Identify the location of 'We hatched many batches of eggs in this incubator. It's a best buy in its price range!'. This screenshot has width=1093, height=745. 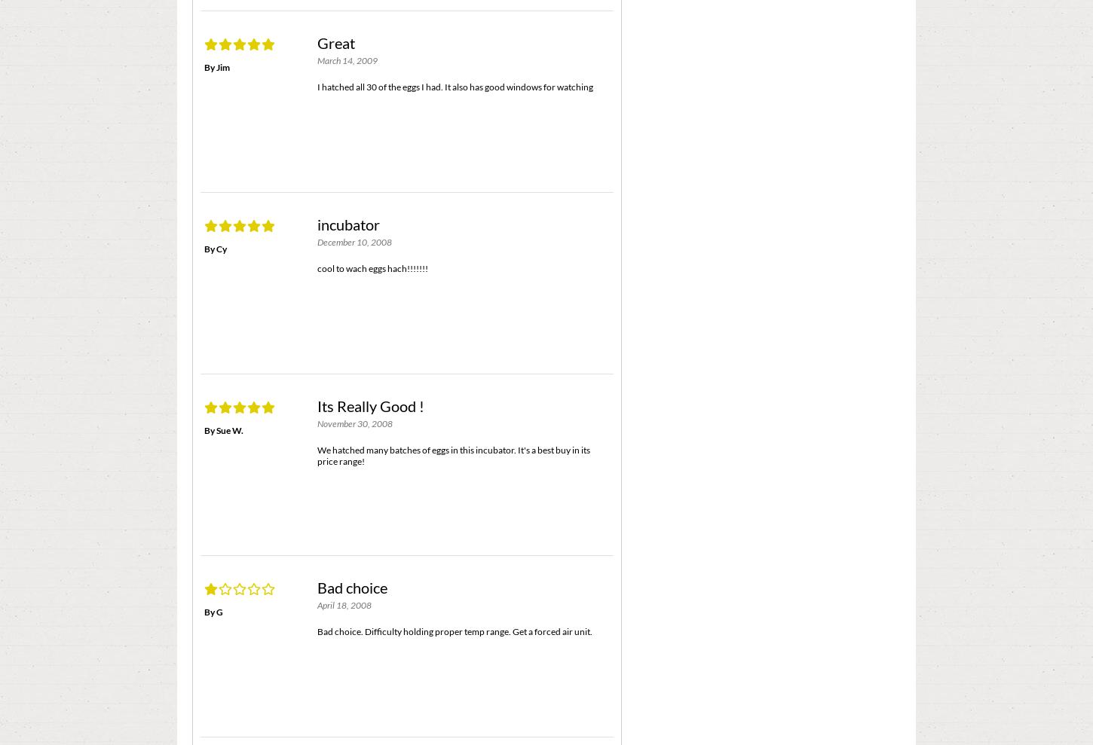
(454, 454).